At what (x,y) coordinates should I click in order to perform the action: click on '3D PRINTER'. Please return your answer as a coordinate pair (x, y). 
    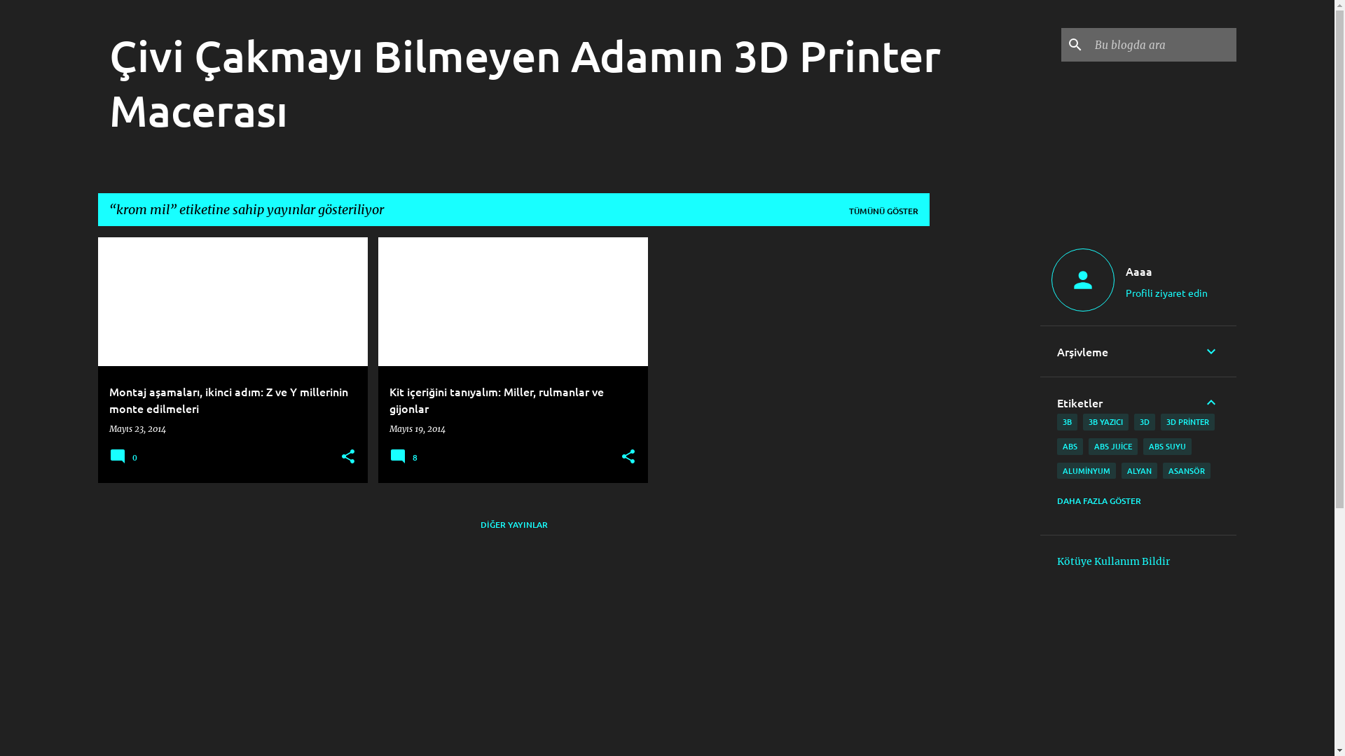
    Looking at the image, I should click on (1187, 421).